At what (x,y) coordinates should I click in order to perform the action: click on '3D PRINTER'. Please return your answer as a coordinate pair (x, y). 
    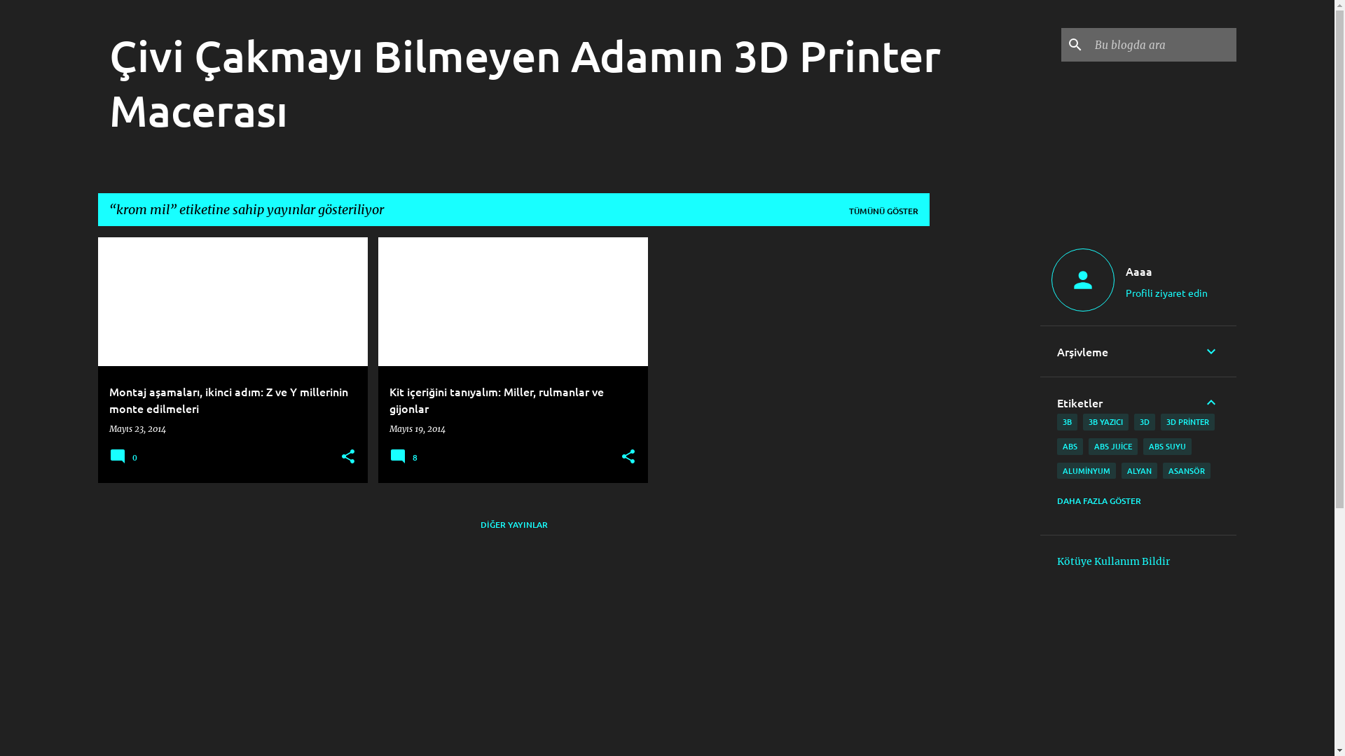
    Looking at the image, I should click on (1187, 421).